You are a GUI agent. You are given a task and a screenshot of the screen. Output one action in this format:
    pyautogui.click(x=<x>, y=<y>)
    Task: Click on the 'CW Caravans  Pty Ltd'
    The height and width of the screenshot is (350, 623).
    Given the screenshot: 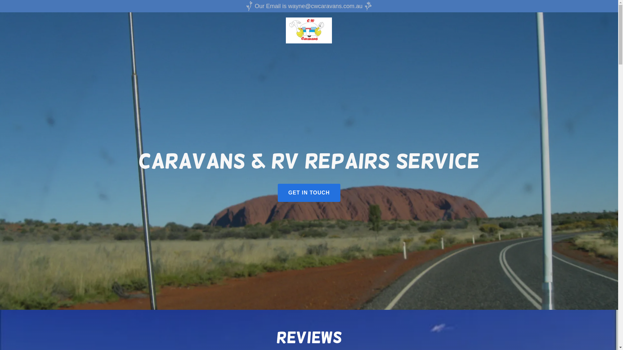 What is the action you would take?
    pyautogui.click(x=308, y=30)
    